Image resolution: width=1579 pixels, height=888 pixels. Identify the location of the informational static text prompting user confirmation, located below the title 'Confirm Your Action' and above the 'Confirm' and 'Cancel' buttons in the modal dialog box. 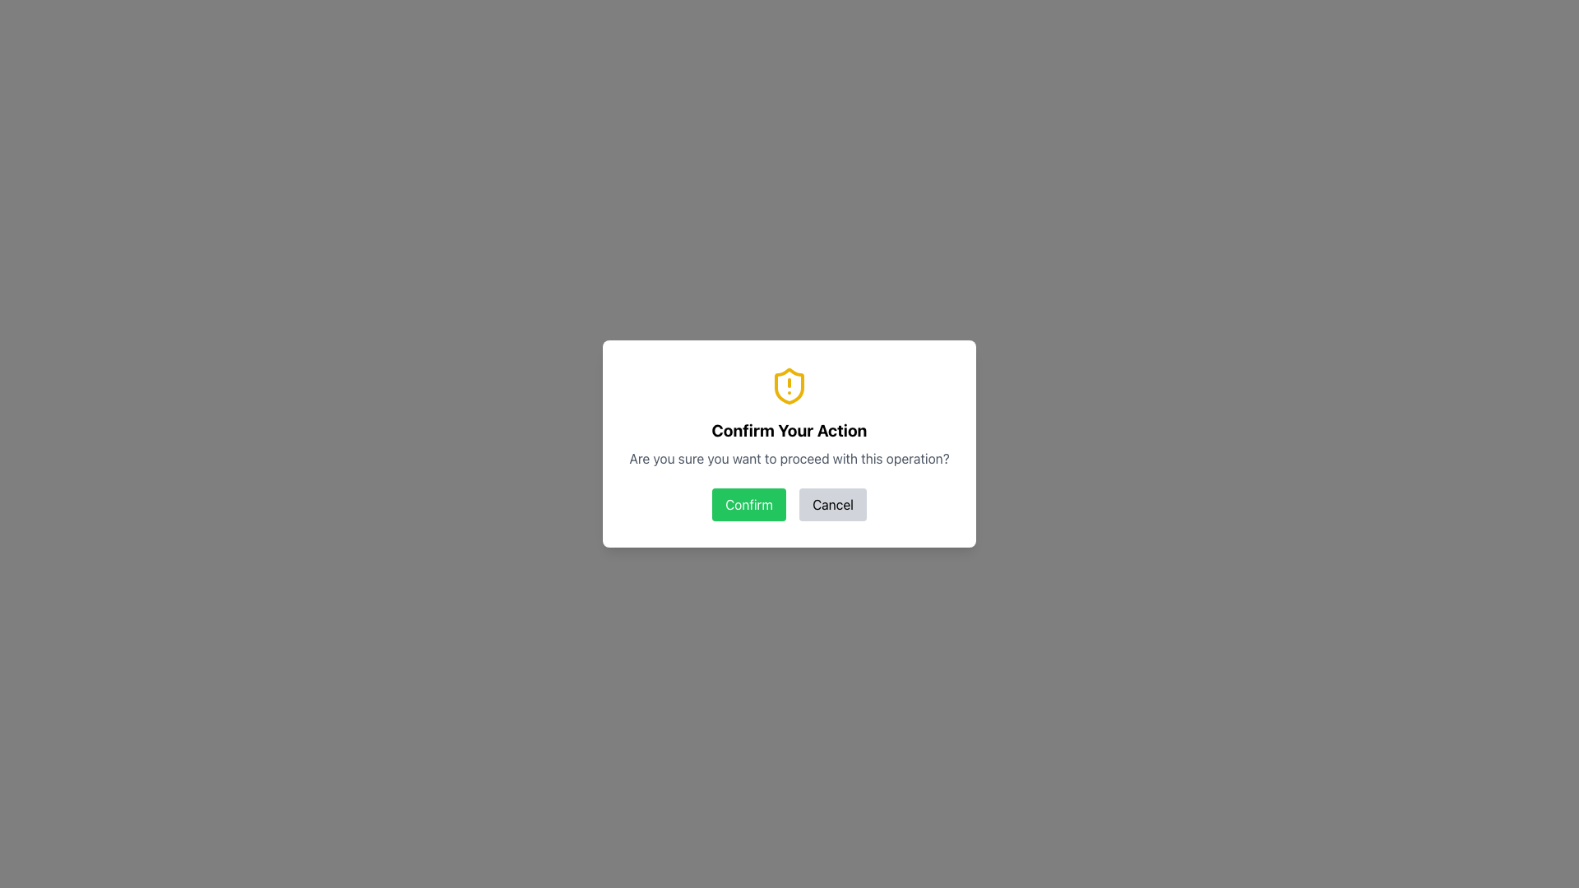
(789, 459).